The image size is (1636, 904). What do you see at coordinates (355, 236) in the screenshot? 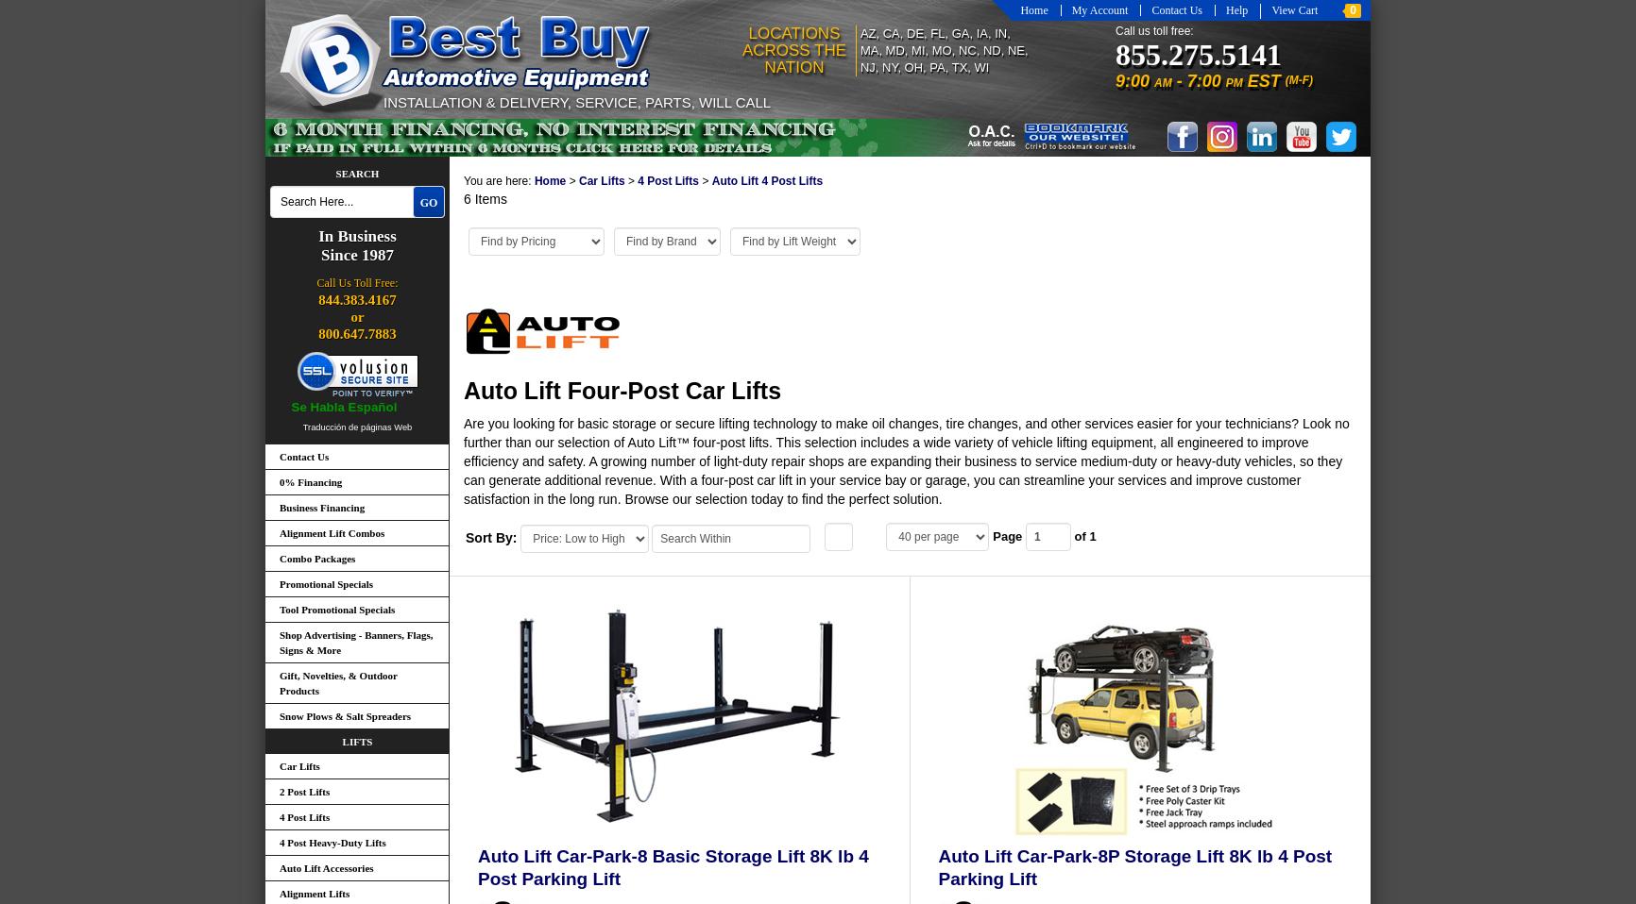
I see `'In Business'` at bounding box center [355, 236].